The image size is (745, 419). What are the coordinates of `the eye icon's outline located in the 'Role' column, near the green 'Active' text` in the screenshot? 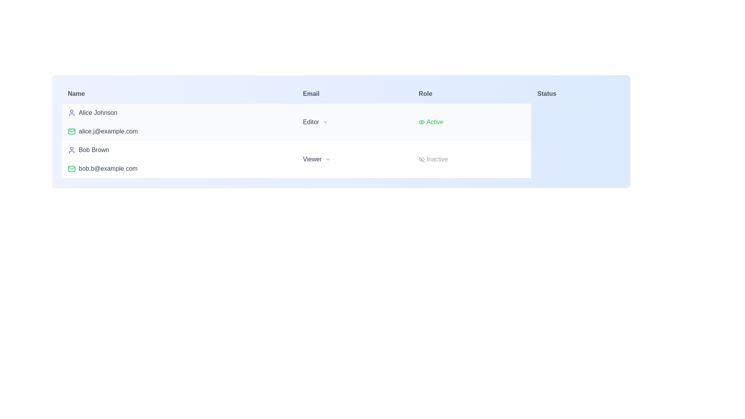 It's located at (421, 122).